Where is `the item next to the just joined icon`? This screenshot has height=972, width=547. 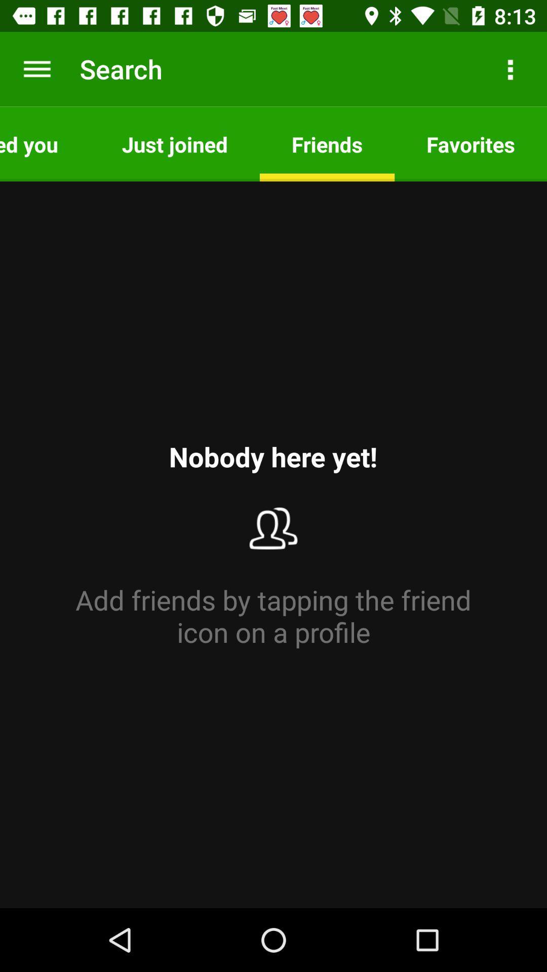
the item next to the just joined icon is located at coordinates (44, 143).